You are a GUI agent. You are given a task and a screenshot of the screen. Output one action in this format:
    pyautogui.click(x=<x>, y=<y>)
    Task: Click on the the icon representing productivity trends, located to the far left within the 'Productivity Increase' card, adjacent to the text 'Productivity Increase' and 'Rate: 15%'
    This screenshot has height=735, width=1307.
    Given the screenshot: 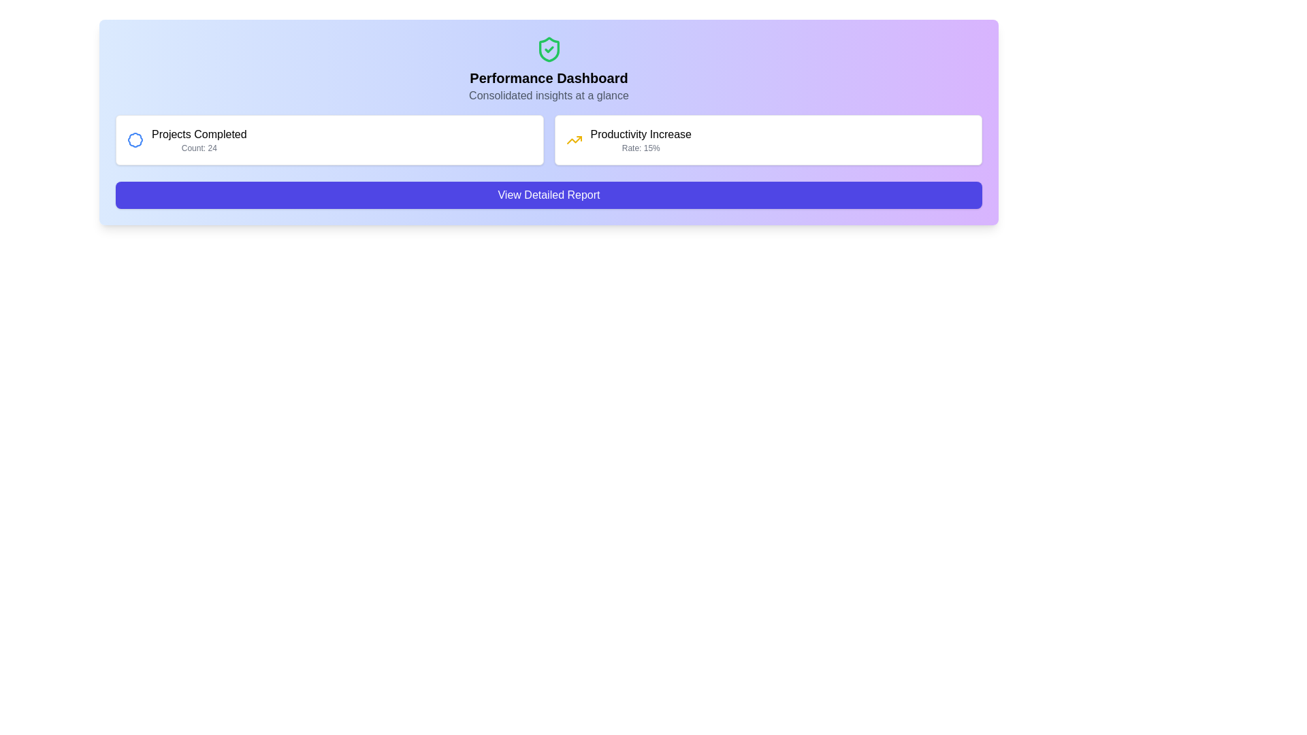 What is the action you would take?
    pyautogui.click(x=574, y=140)
    